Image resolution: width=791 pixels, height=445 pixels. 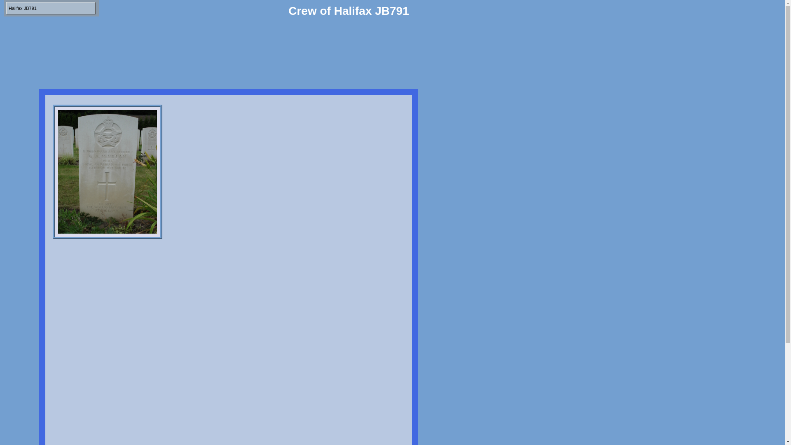 What do you see at coordinates (50, 8) in the screenshot?
I see `'Halifax JB791'` at bounding box center [50, 8].